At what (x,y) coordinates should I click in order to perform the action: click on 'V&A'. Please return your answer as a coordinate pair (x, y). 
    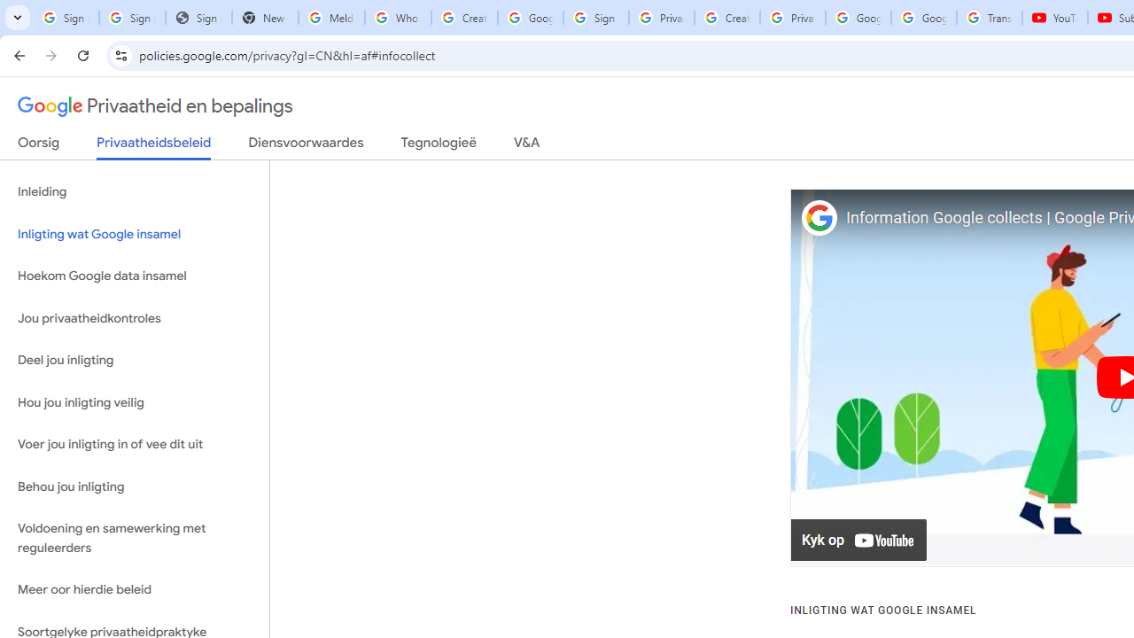
    Looking at the image, I should click on (525, 145).